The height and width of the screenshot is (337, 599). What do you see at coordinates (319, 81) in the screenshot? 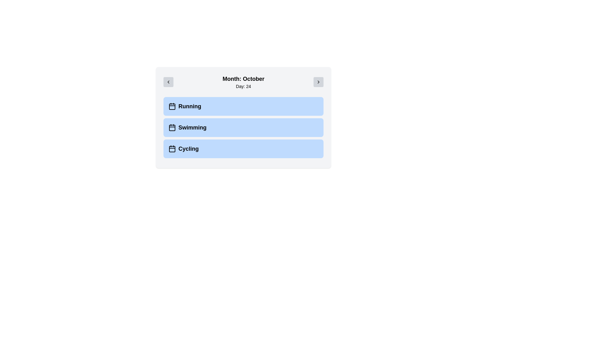
I see `the 'Next' button located on the right side of the top bar containing 'Month: October' and 'Day: 24'` at bounding box center [319, 81].